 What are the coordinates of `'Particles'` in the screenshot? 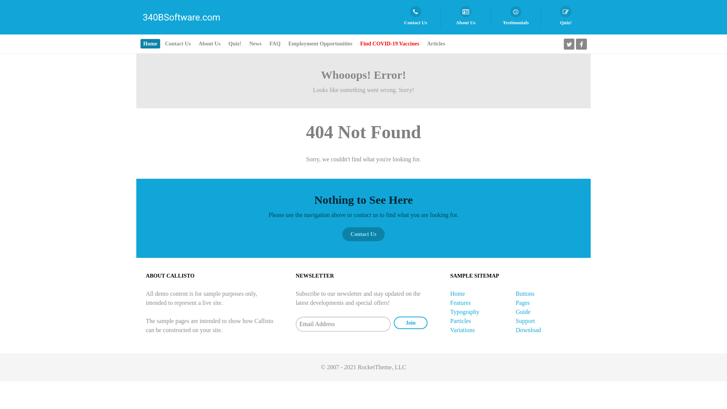 It's located at (460, 321).